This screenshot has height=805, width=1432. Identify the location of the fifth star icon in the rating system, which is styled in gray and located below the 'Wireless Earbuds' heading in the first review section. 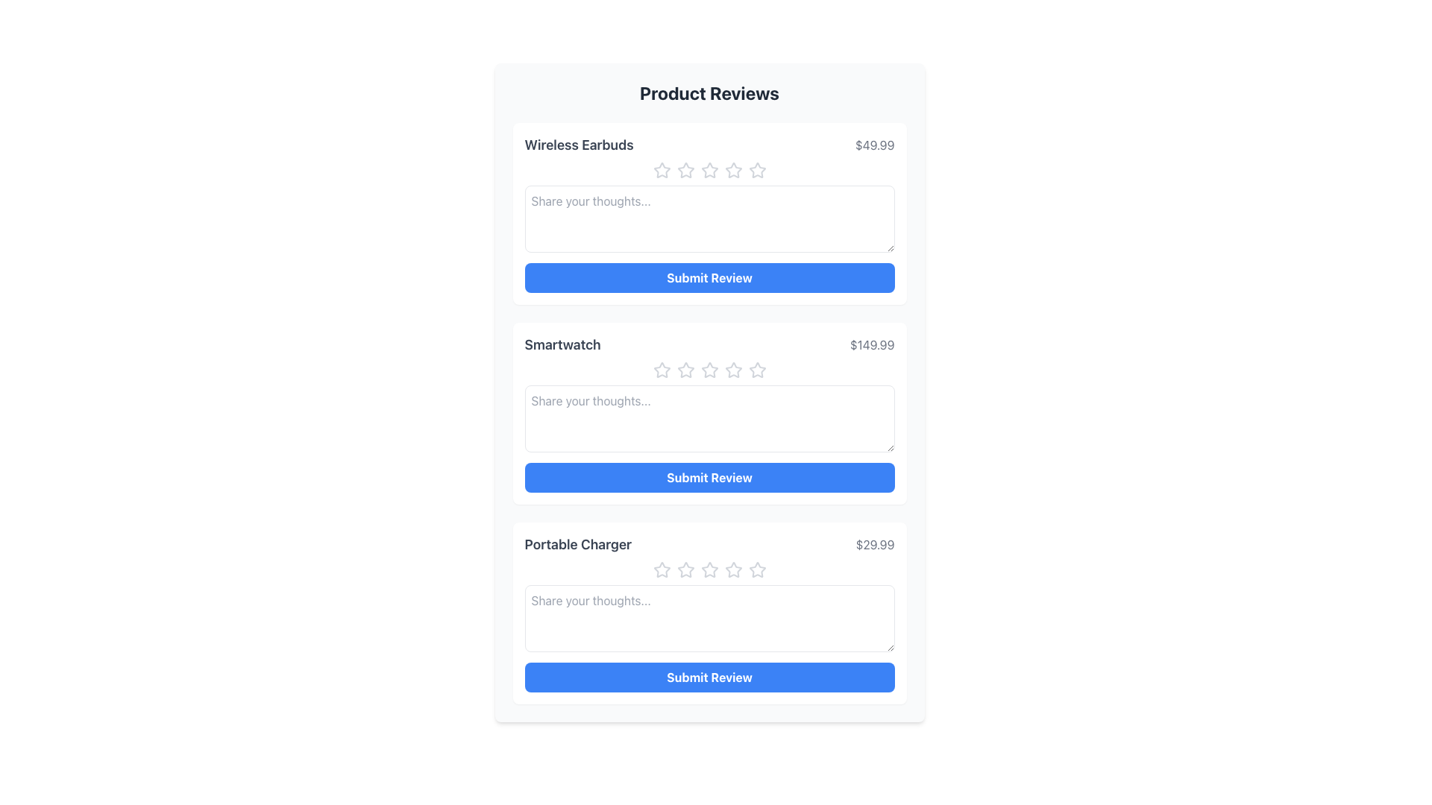
(757, 169).